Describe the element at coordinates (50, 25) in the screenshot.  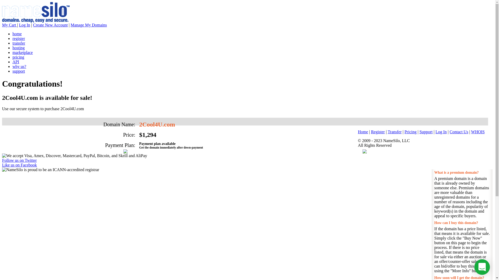
I see `'Create New Account'` at that location.